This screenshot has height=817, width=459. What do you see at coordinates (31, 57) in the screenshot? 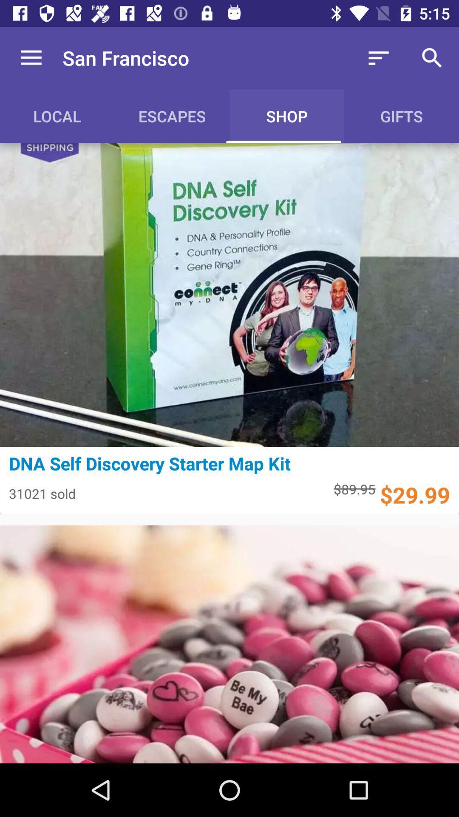
I see `item above the local icon` at bounding box center [31, 57].